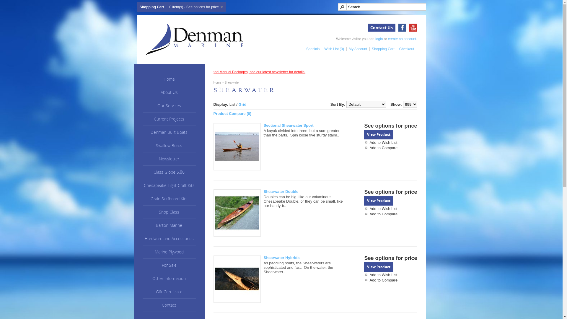 The height and width of the screenshot is (319, 567). I want to click on 'Search', so click(382, 7).